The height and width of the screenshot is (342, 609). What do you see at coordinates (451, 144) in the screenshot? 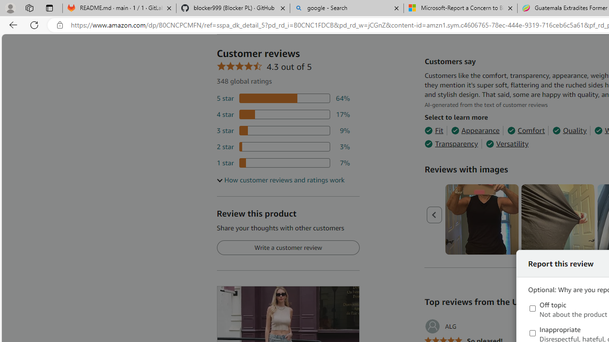
I see `'Transparency'` at bounding box center [451, 144].